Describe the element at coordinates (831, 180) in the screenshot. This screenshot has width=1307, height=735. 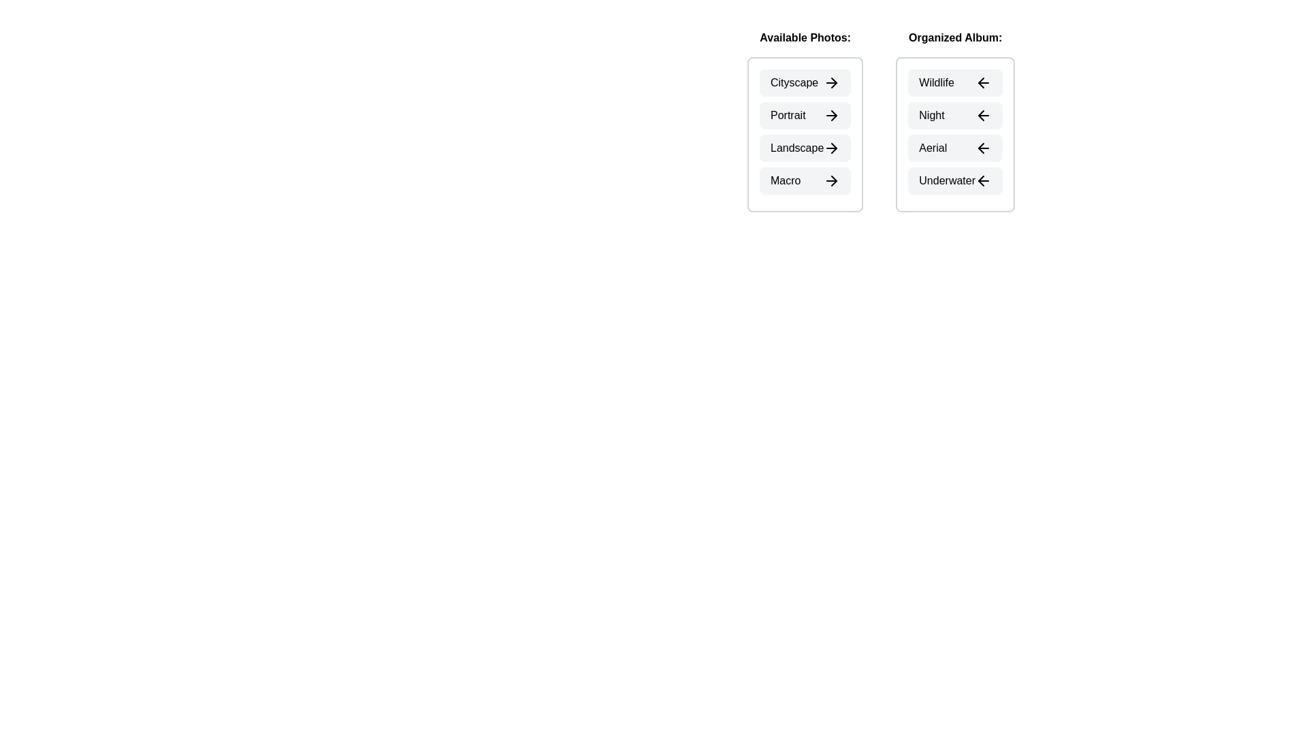
I see `the arrow icon next to the photo Macro in the Available Photos section to transfer it to the Organized Album section` at that location.